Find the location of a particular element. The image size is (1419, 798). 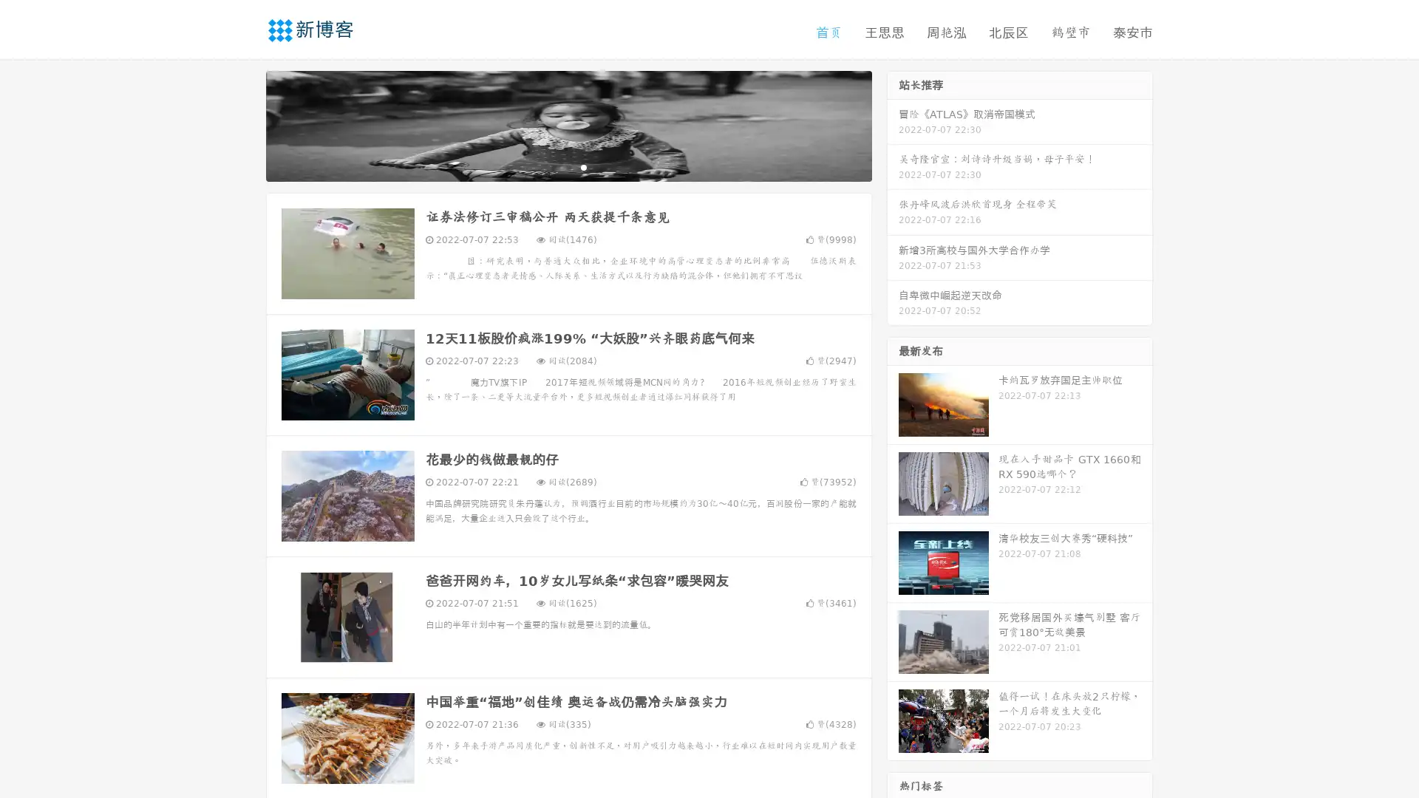

Previous slide is located at coordinates (244, 124).